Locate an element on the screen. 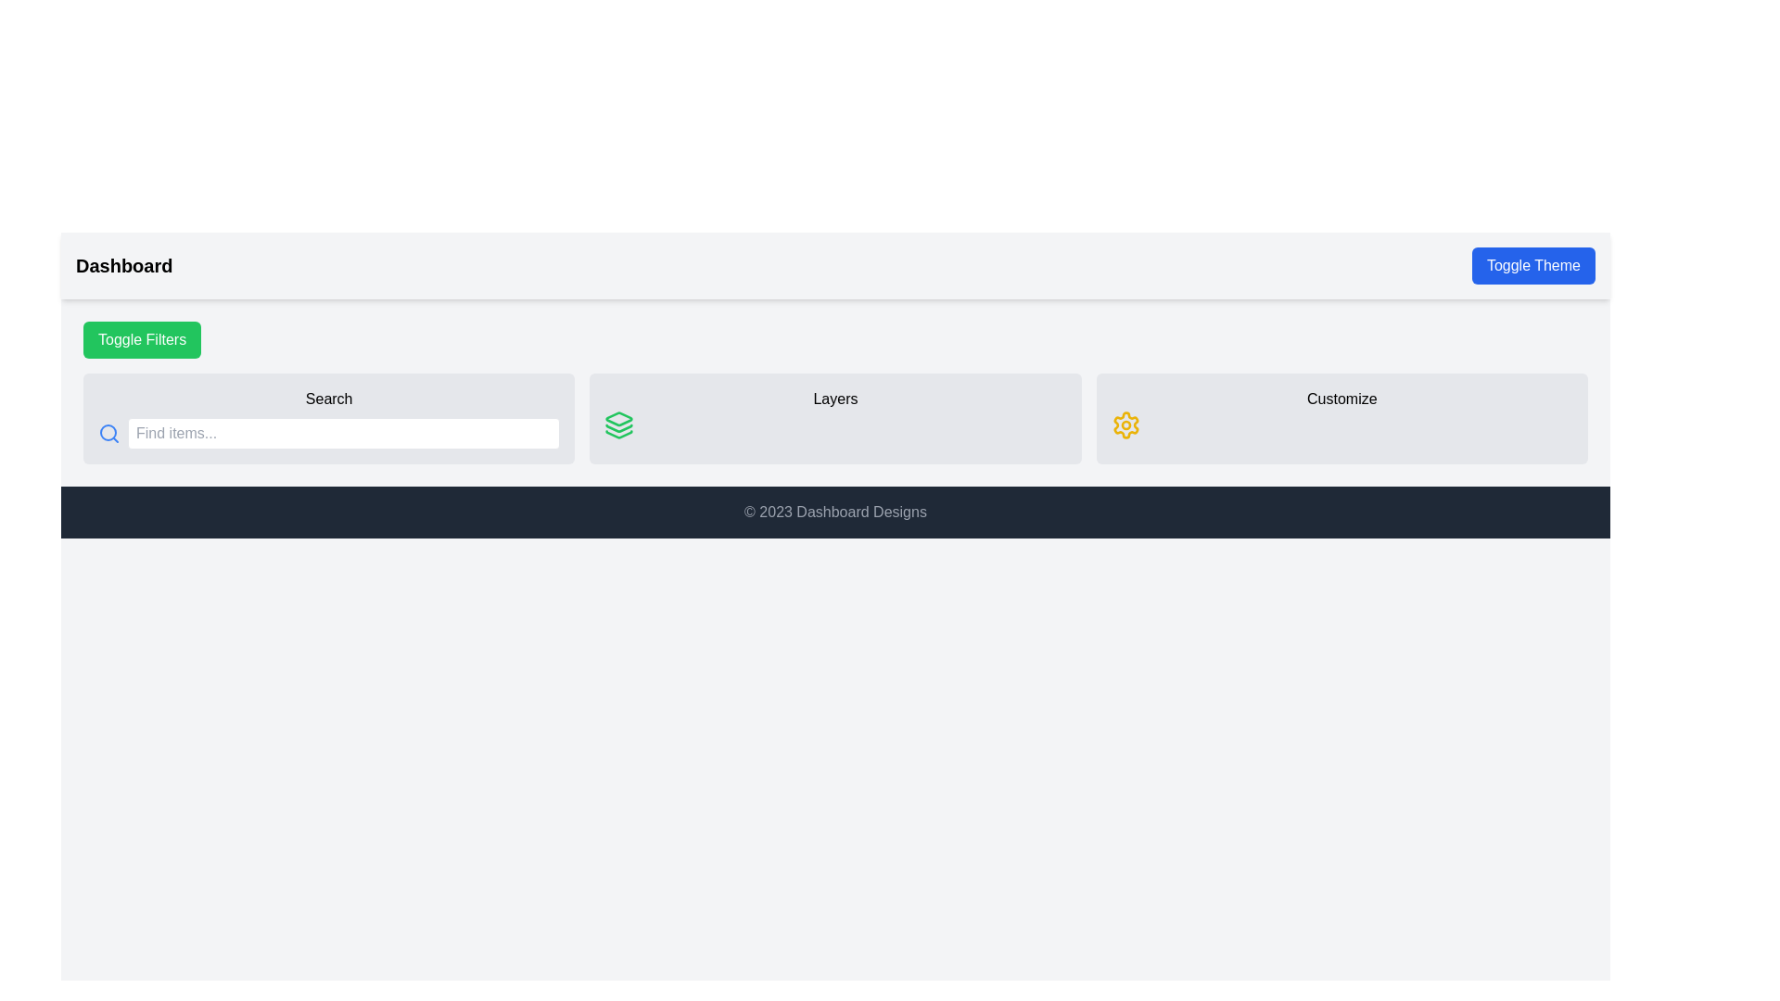 Image resolution: width=1780 pixels, height=1001 pixels. the bright green button labeled 'Toggle Filters' is located at coordinates (141, 339).